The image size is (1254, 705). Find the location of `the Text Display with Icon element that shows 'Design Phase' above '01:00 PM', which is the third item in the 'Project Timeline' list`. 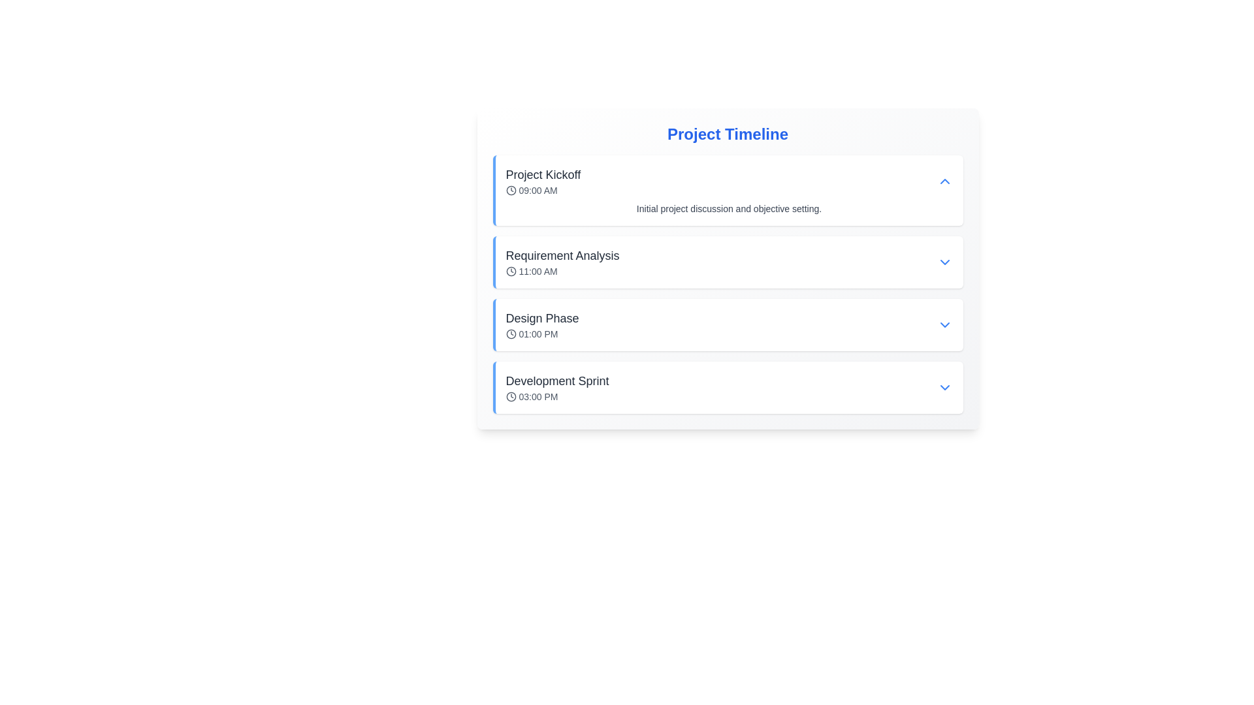

the Text Display with Icon element that shows 'Design Phase' above '01:00 PM', which is the third item in the 'Project Timeline' list is located at coordinates (542, 324).